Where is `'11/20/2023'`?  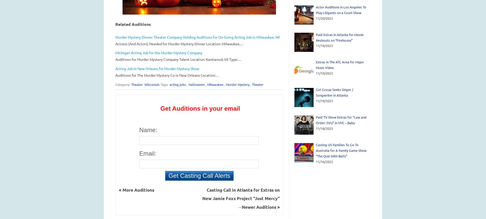
'11/20/2023' is located at coordinates (324, 18).